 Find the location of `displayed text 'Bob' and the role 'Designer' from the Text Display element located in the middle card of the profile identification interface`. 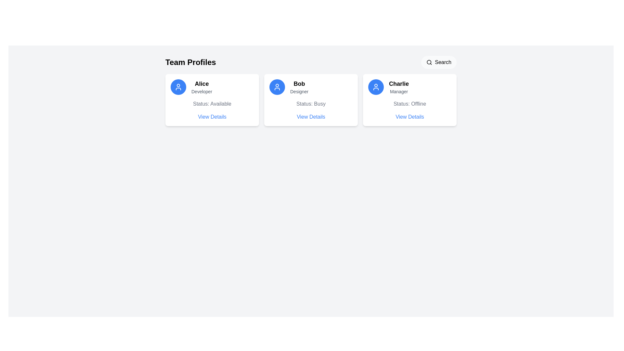

displayed text 'Bob' and the role 'Designer' from the Text Display element located in the middle card of the profile identification interface is located at coordinates (299, 86).